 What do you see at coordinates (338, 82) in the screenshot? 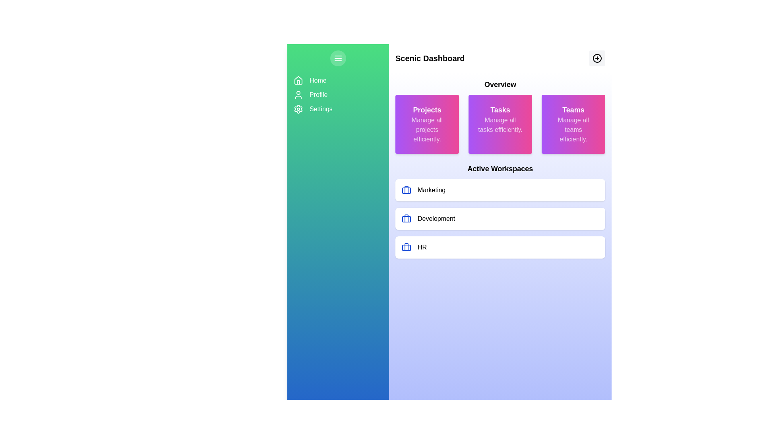
I see `the 'Home' menu item in the navigation panel` at bounding box center [338, 82].